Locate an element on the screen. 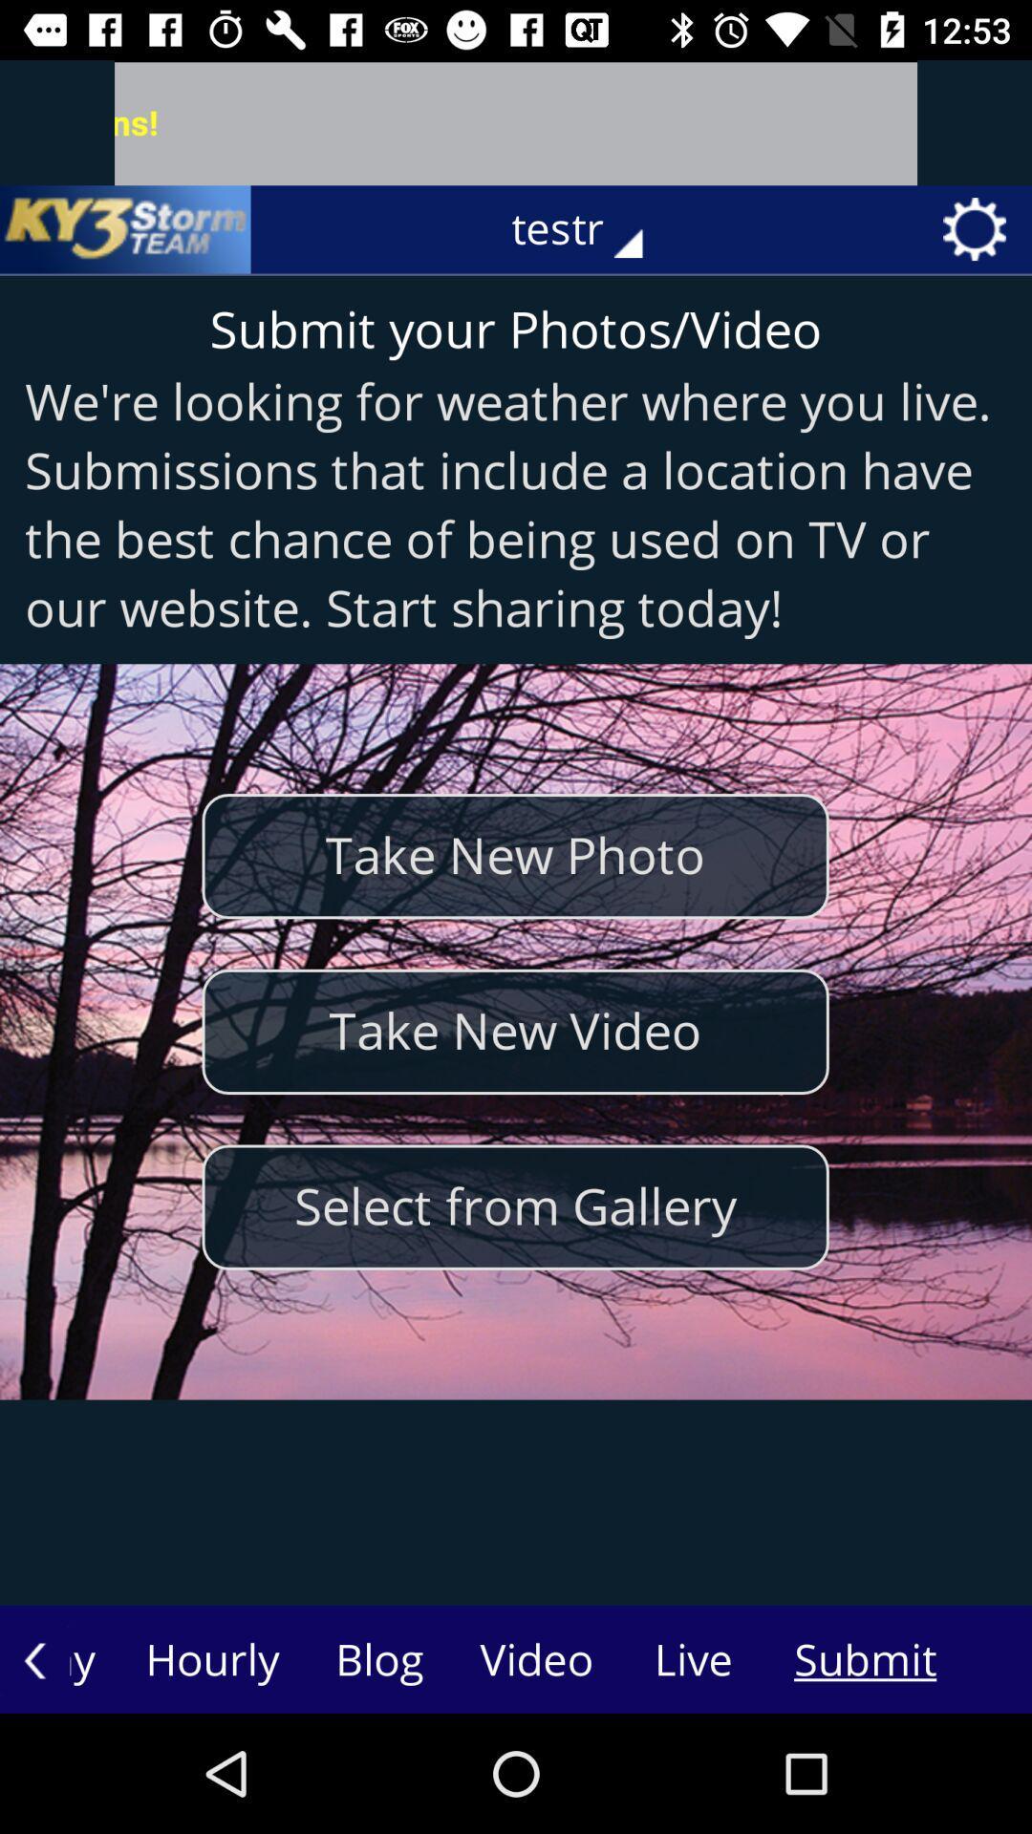  the item to the left of testr icon is located at coordinates (125, 229).